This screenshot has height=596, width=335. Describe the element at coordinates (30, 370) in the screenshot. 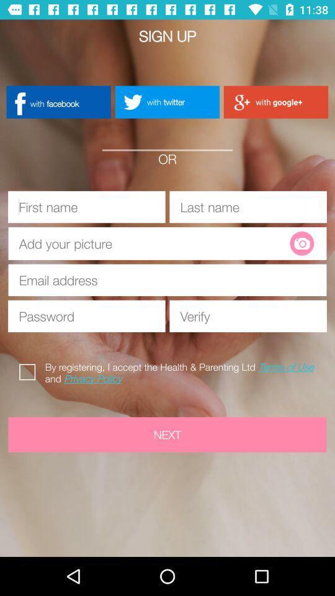

I see `icon to the left of the by registering i icon` at that location.